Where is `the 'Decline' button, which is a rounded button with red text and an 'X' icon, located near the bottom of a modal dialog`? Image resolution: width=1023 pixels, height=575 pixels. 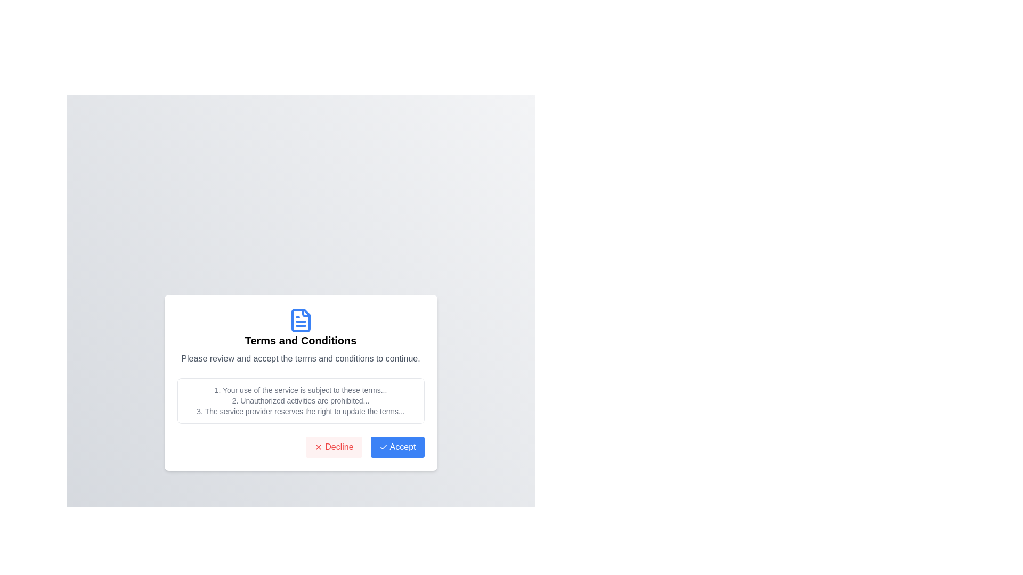 the 'Decline' button, which is a rounded button with red text and an 'X' icon, located near the bottom of a modal dialog is located at coordinates (333, 447).